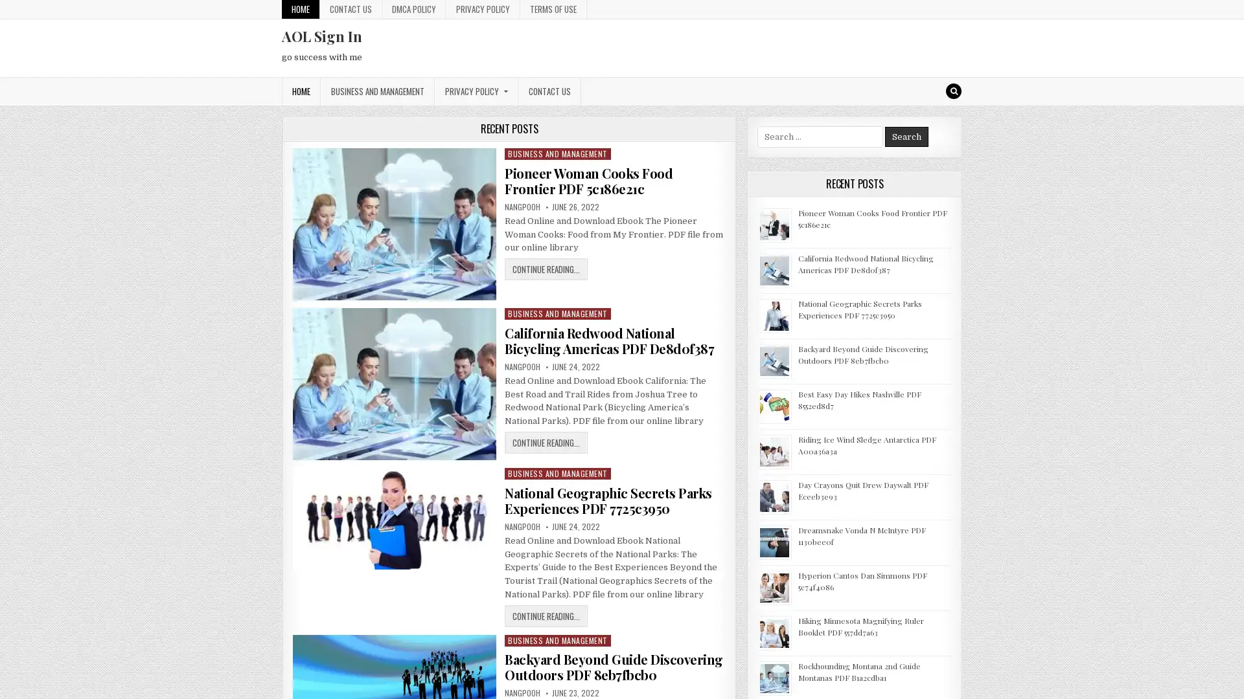  What do you see at coordinates (906, 137) in the screenshot?
I see `Search` at bounding box center [906, 137].